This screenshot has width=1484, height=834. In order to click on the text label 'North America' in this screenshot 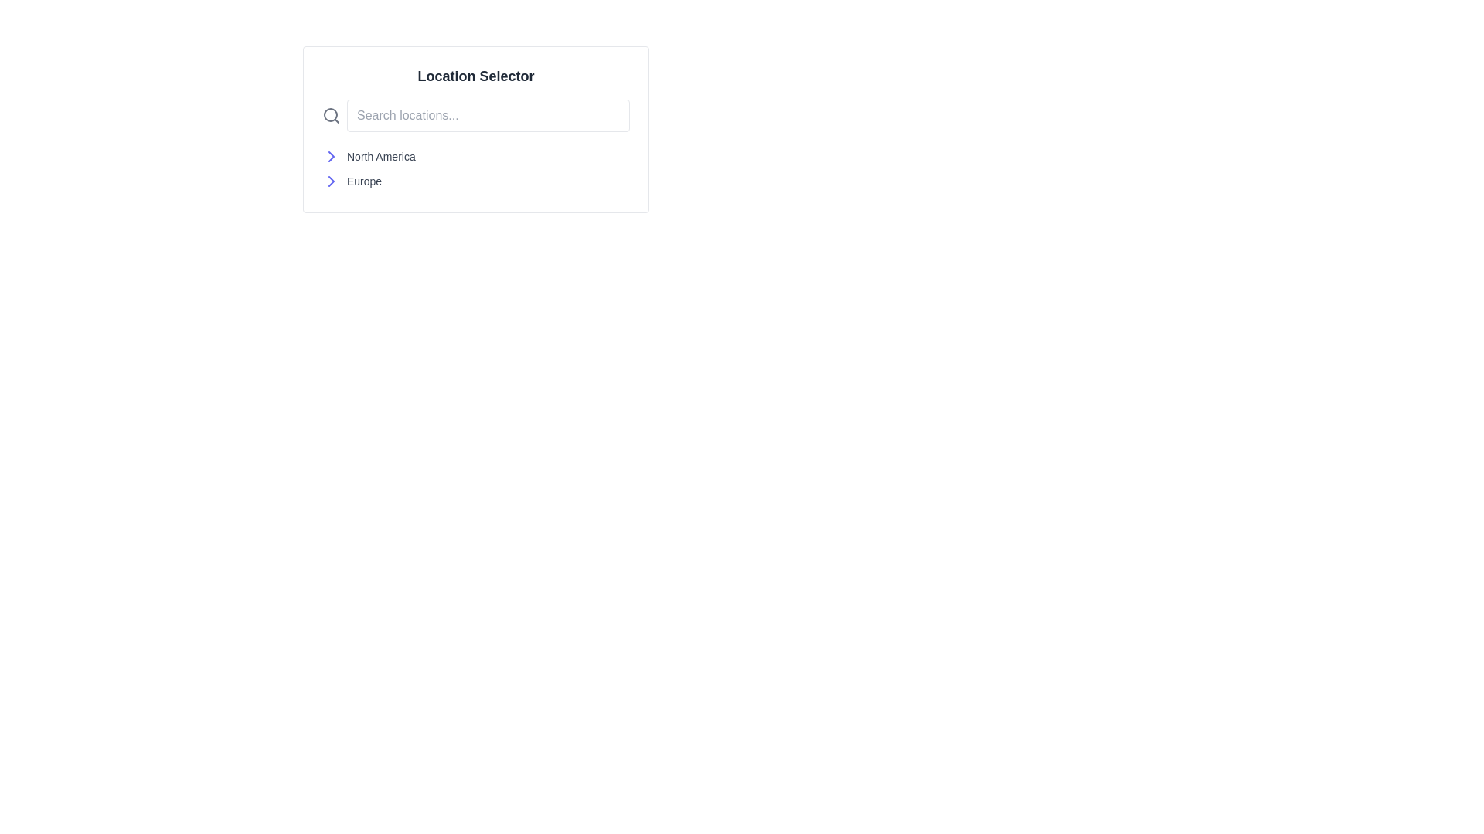, I will do `click(381, 157)`.